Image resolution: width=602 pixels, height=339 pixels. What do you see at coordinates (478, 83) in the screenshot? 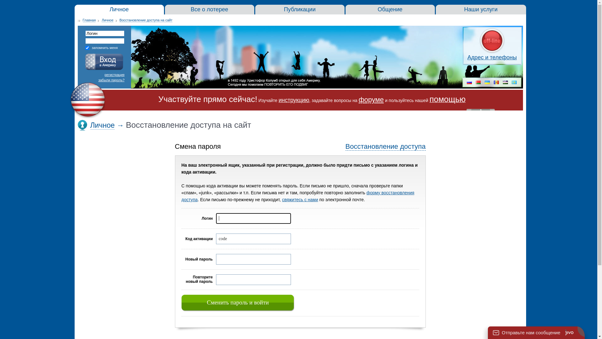
I see `'by'` at bounding box center [478, 83].